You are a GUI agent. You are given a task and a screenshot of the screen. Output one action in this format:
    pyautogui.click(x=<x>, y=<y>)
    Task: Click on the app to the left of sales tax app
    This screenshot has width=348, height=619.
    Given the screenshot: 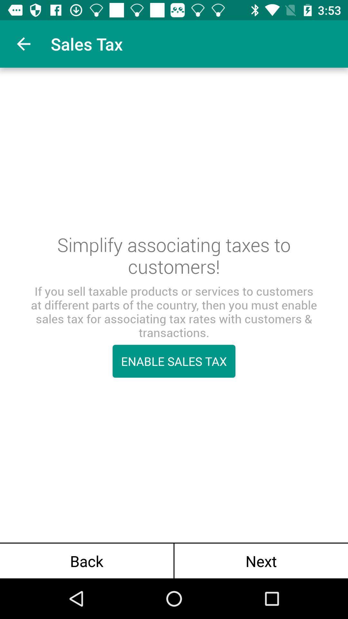 What is the action you would take?
    pyautogui.click(x=23, y=44)
    